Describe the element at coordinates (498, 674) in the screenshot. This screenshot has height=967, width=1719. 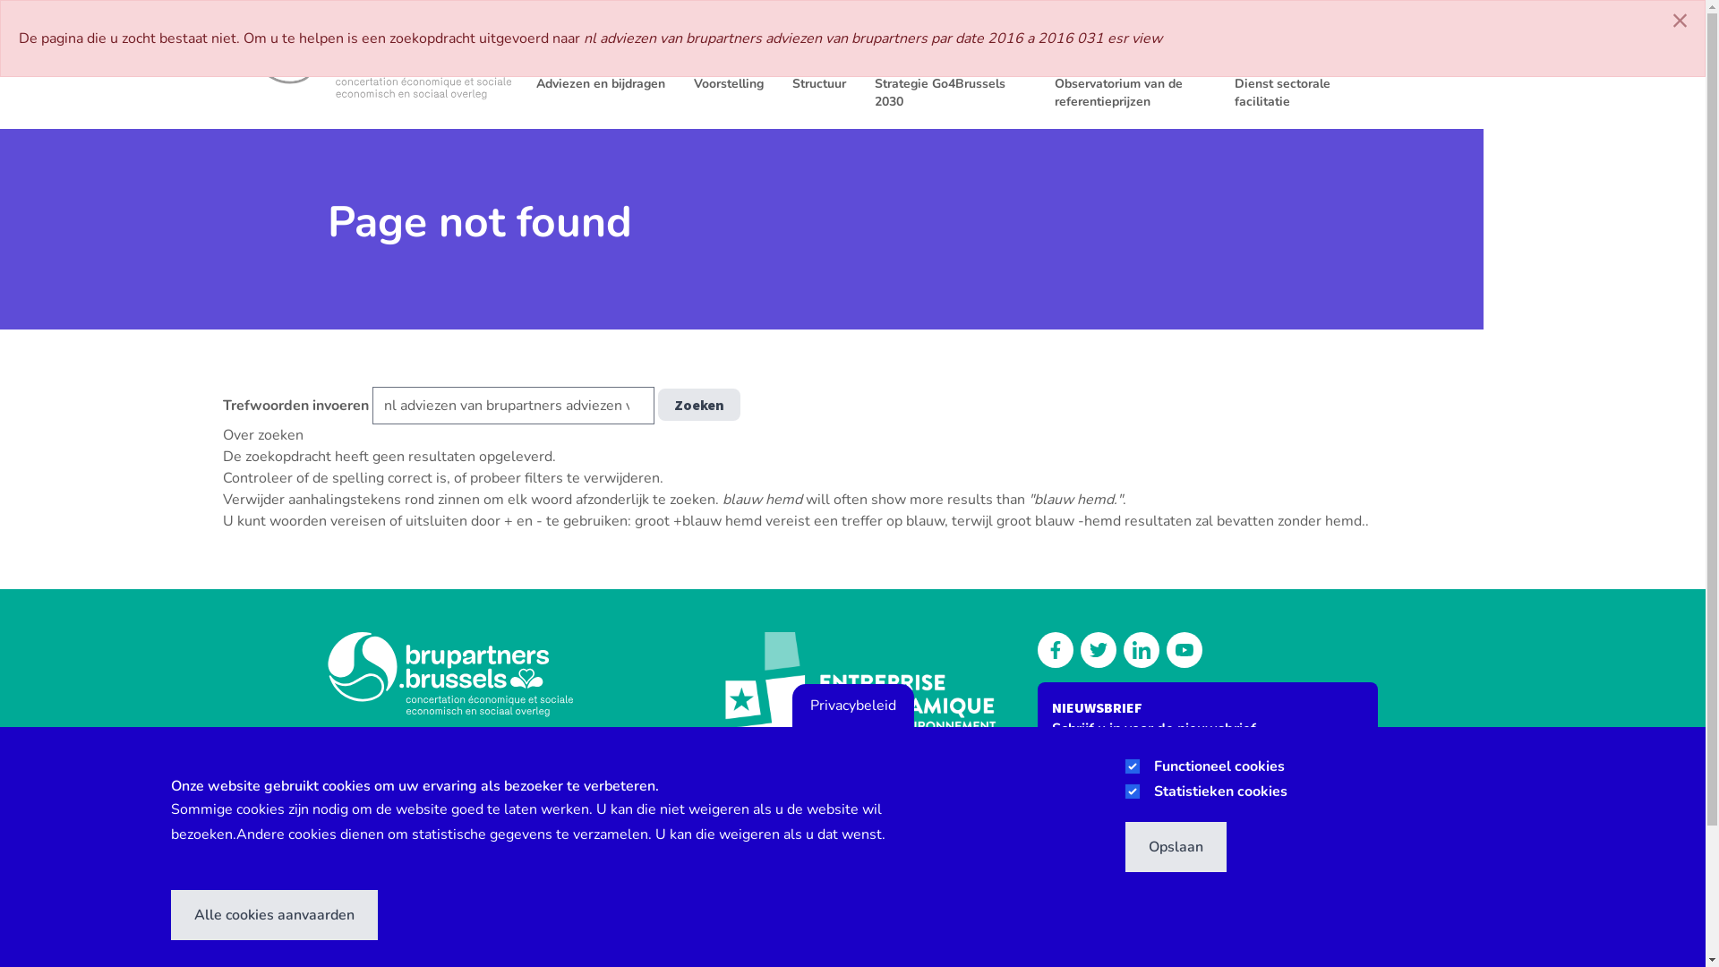
I see `'Brupartners'` at that location.